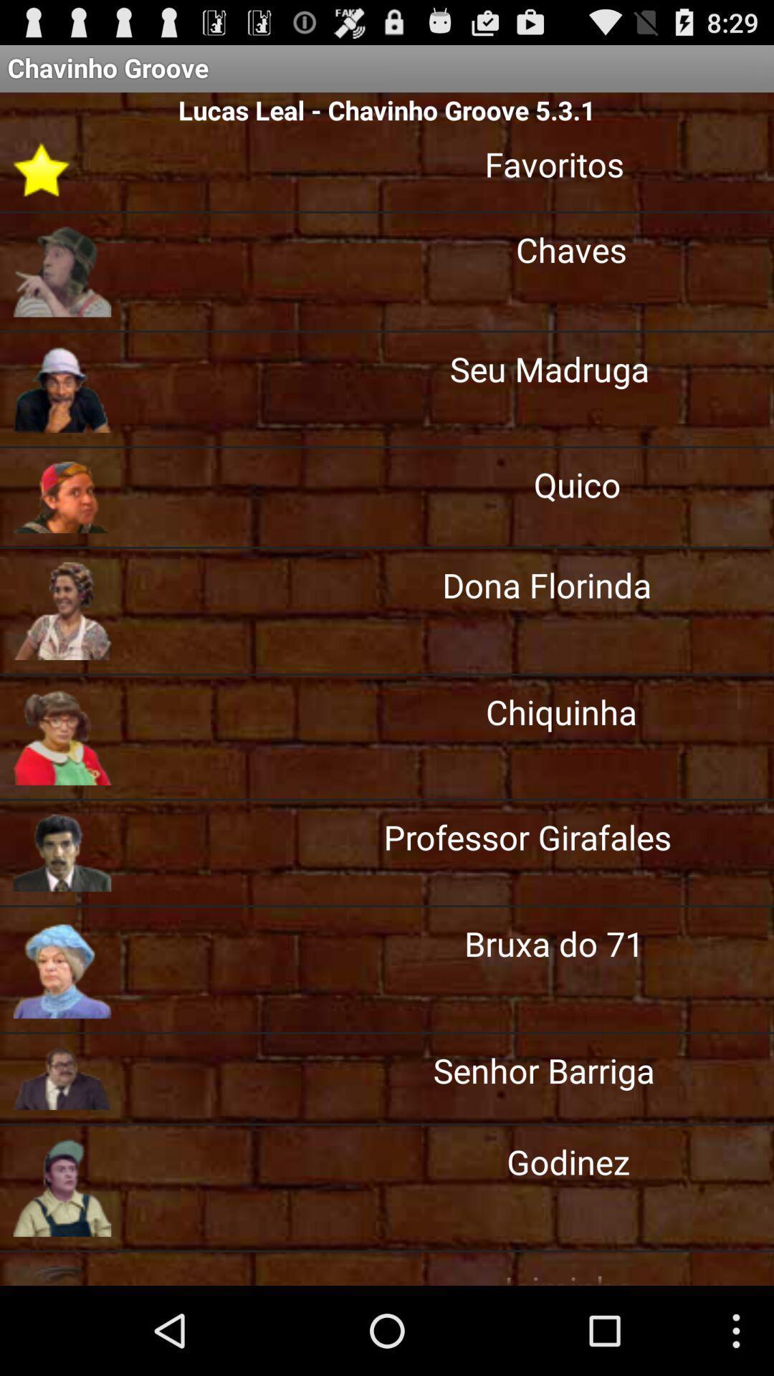 The height and width of the screenshot is (1376, 774). Describe the element at coordinates (62, 737) in the screenshot. I see `the fifth image from top left of page` at that location.